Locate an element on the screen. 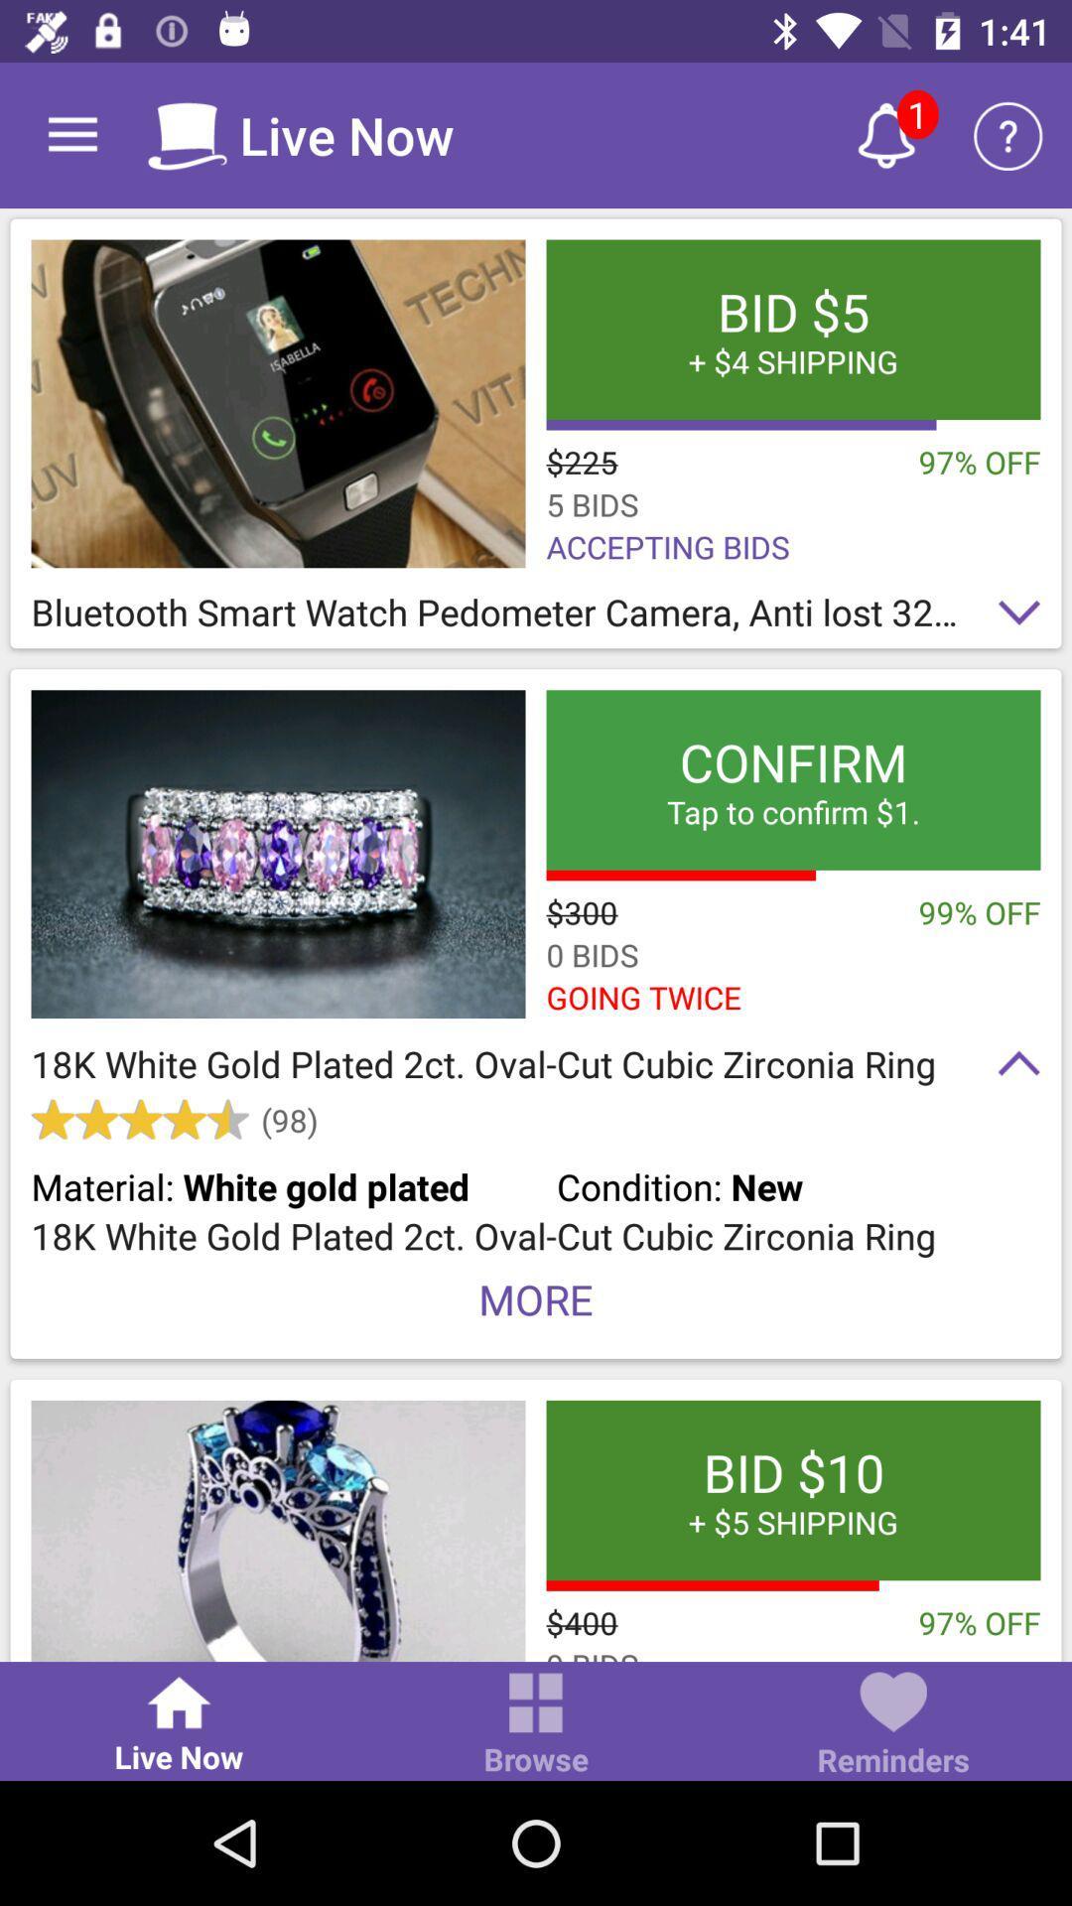  confirm tap to icon is located at coordinates (792, 779).